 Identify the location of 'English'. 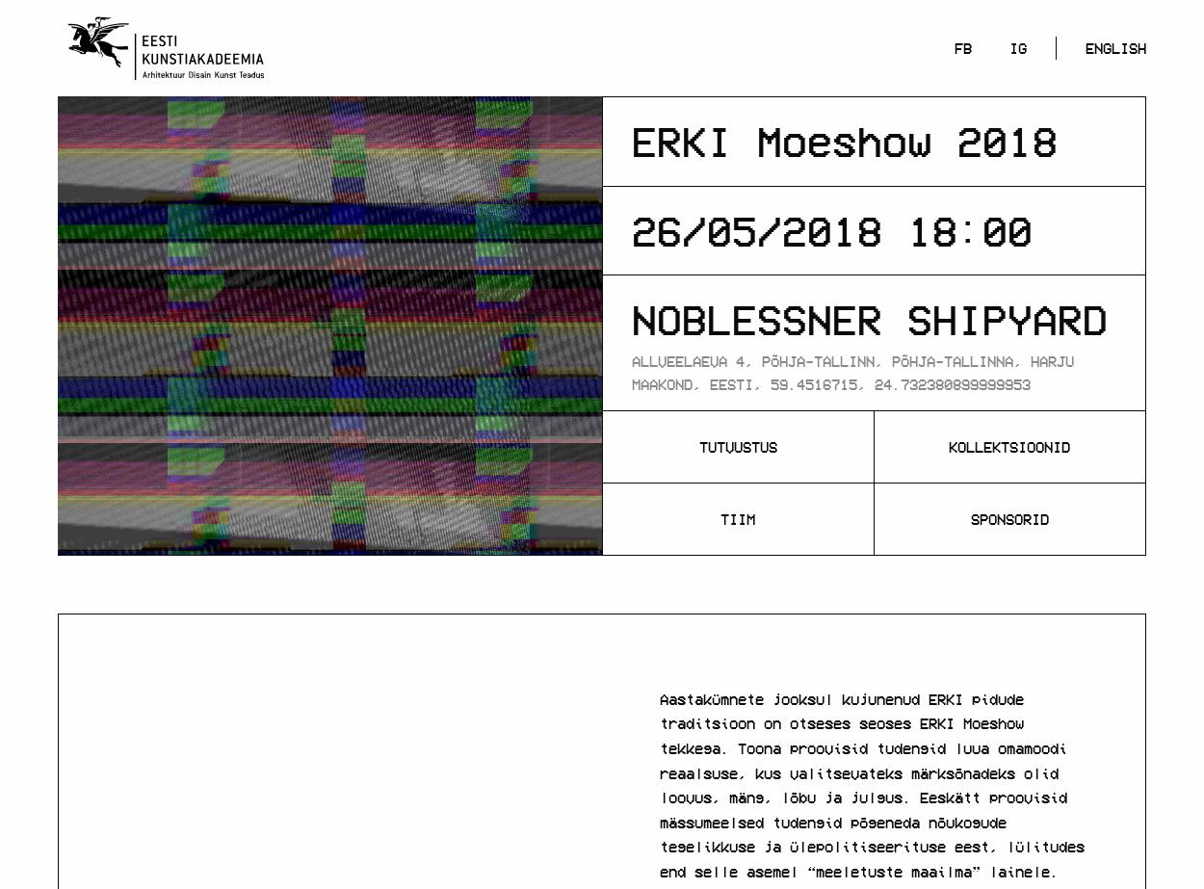
(1114, 48).